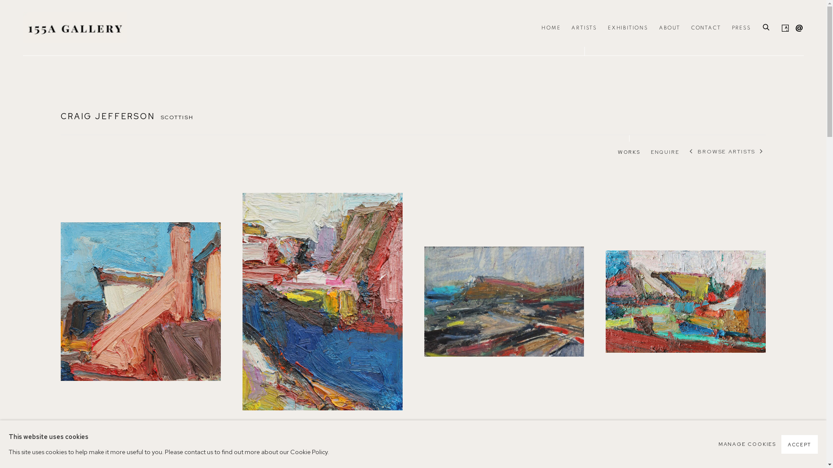  I want to click on 'ARTISTS', so click(571, 27).